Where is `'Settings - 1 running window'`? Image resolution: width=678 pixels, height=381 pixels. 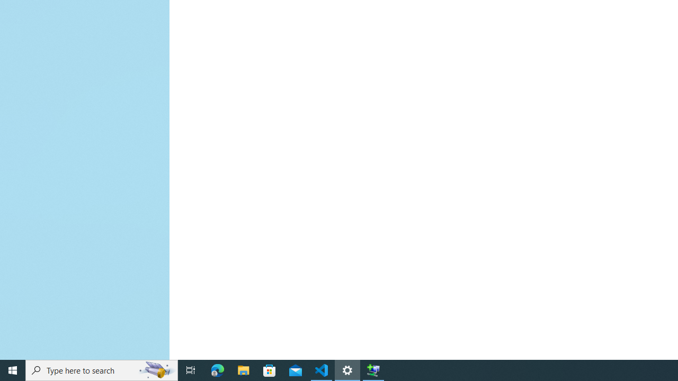
'Settings - 1 running window' is located at coordinates (347, 369).